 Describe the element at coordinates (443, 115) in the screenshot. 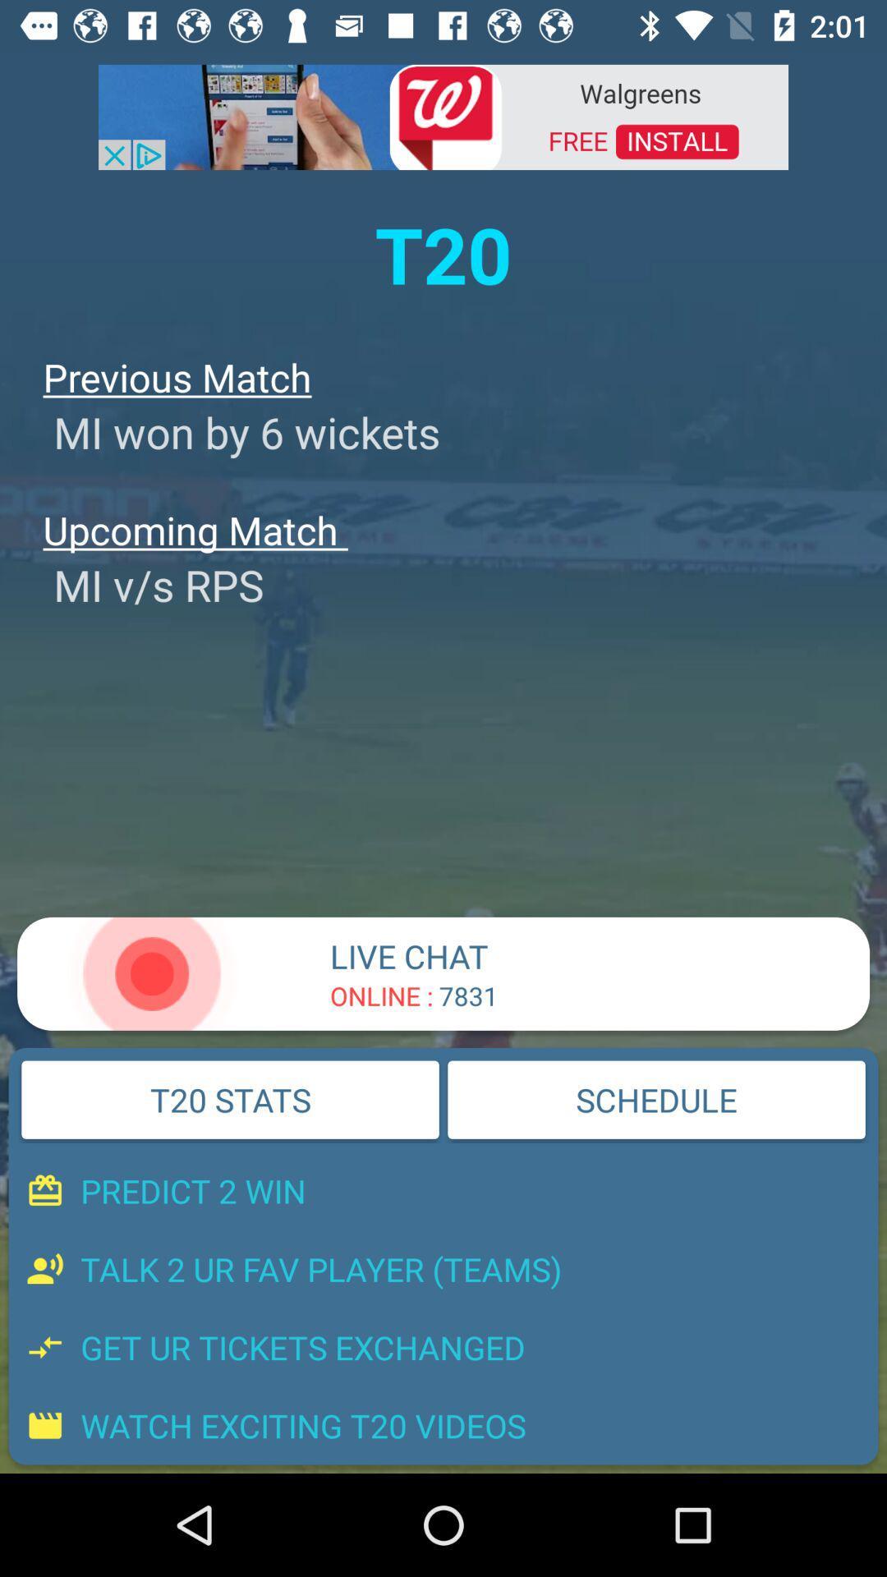

I see `advertisement for walgreens` at that location.